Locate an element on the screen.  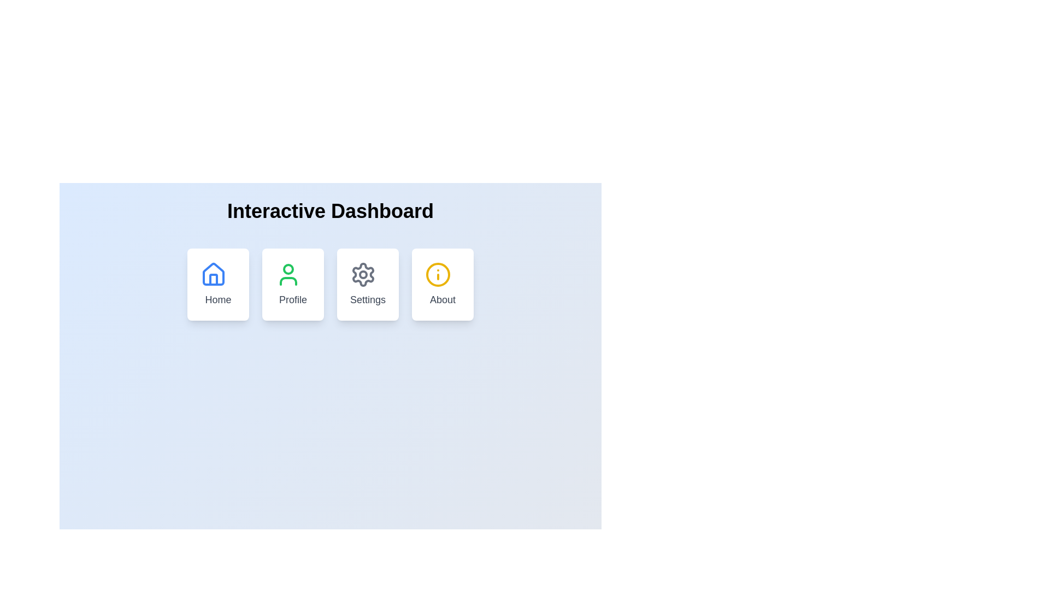
the circular graphical element representing the user profile's head in the 'Profile' icon, located on the second card from the left in the navigation options is located at coordinates (288, 269).